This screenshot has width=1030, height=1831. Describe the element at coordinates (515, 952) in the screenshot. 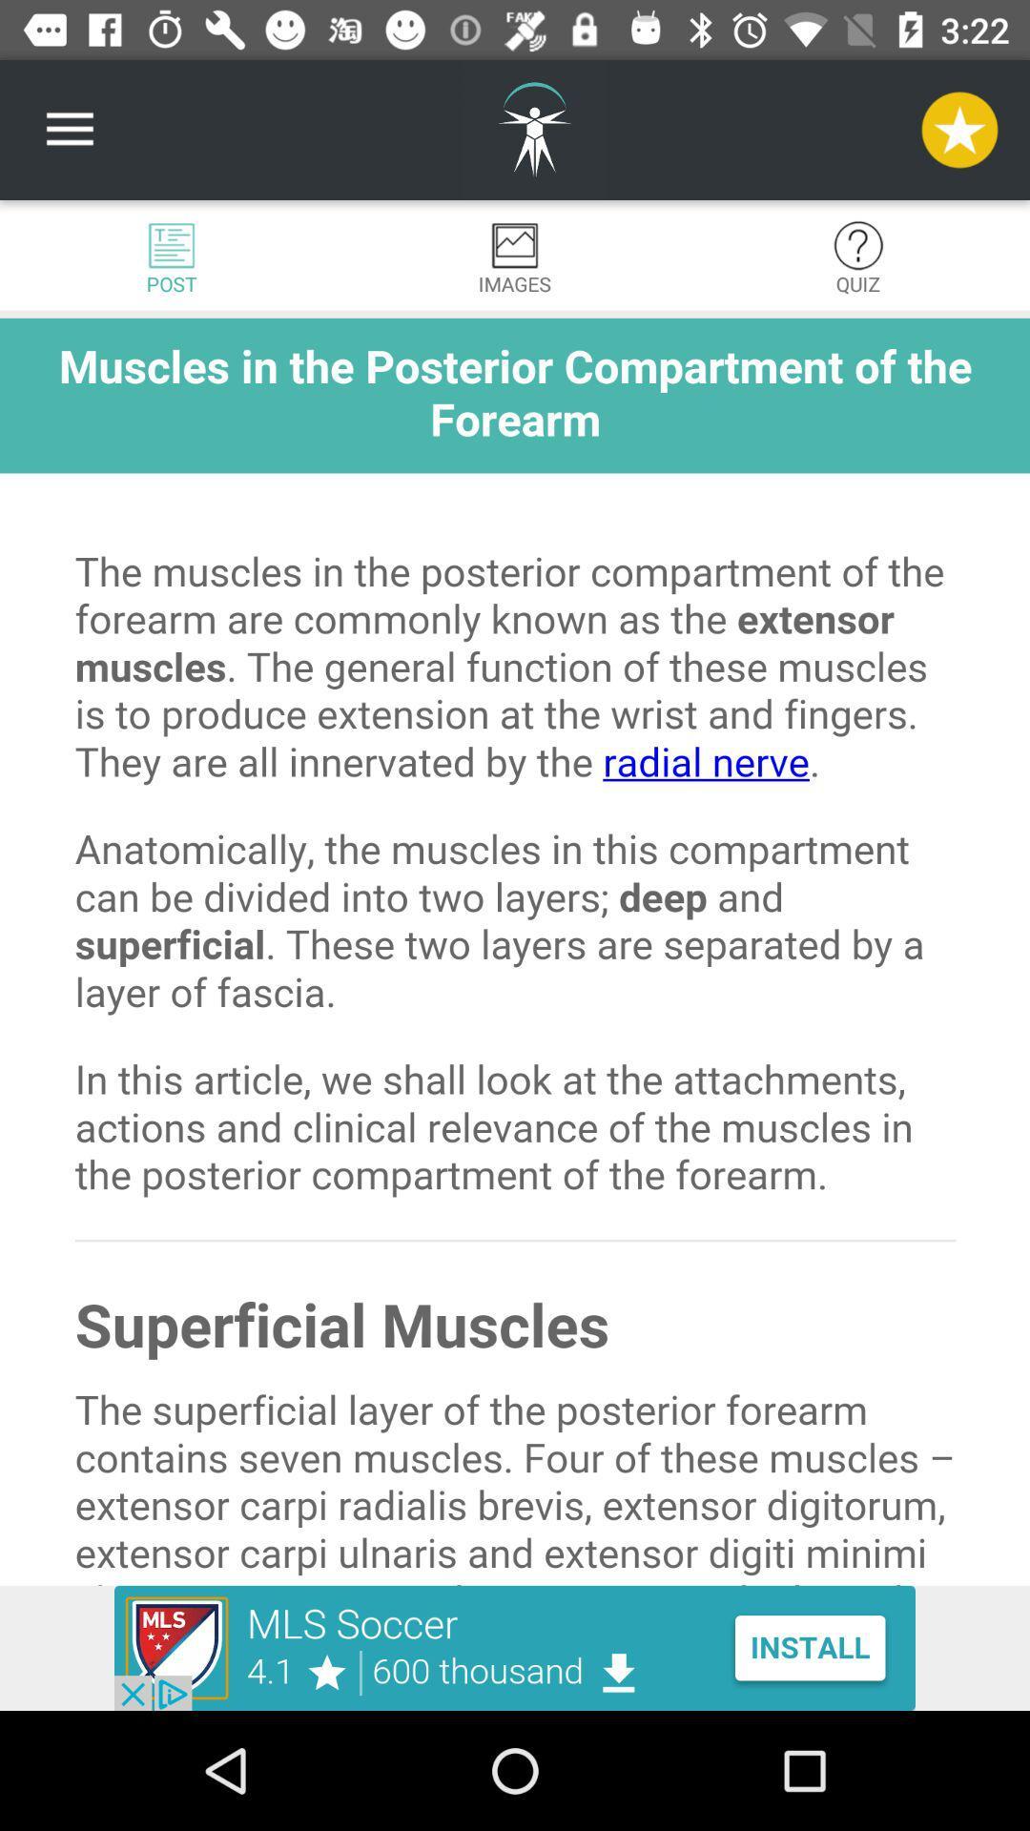

I see `read the article` at that location.